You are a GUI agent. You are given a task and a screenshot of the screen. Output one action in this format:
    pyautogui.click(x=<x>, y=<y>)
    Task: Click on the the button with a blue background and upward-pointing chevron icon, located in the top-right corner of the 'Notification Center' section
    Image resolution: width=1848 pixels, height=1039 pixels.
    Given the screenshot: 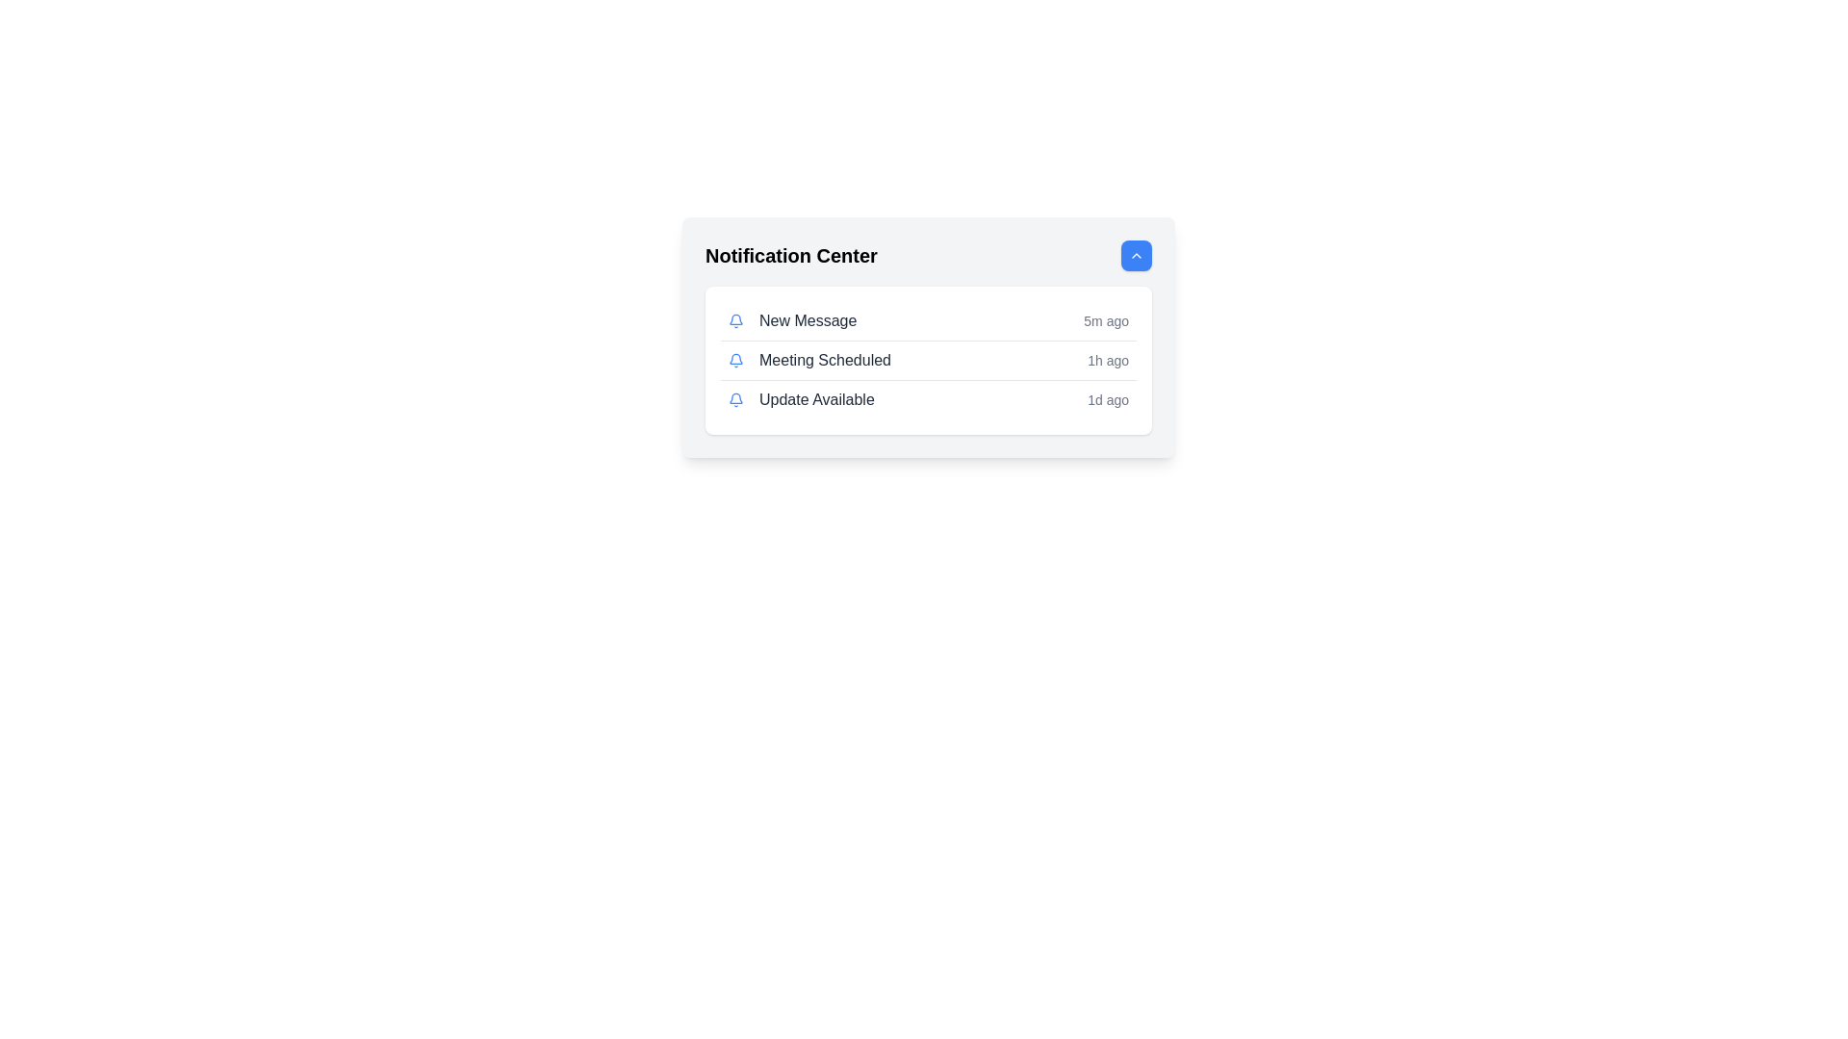 What is the action you would take?
    pyautogui.click(x=1136, y=255)
    